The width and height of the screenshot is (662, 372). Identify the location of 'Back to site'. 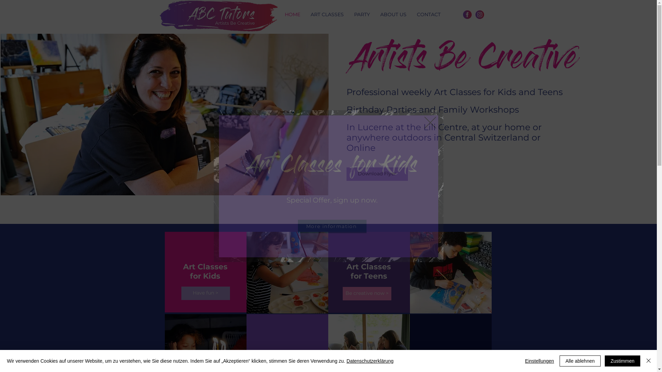
(430, 122).